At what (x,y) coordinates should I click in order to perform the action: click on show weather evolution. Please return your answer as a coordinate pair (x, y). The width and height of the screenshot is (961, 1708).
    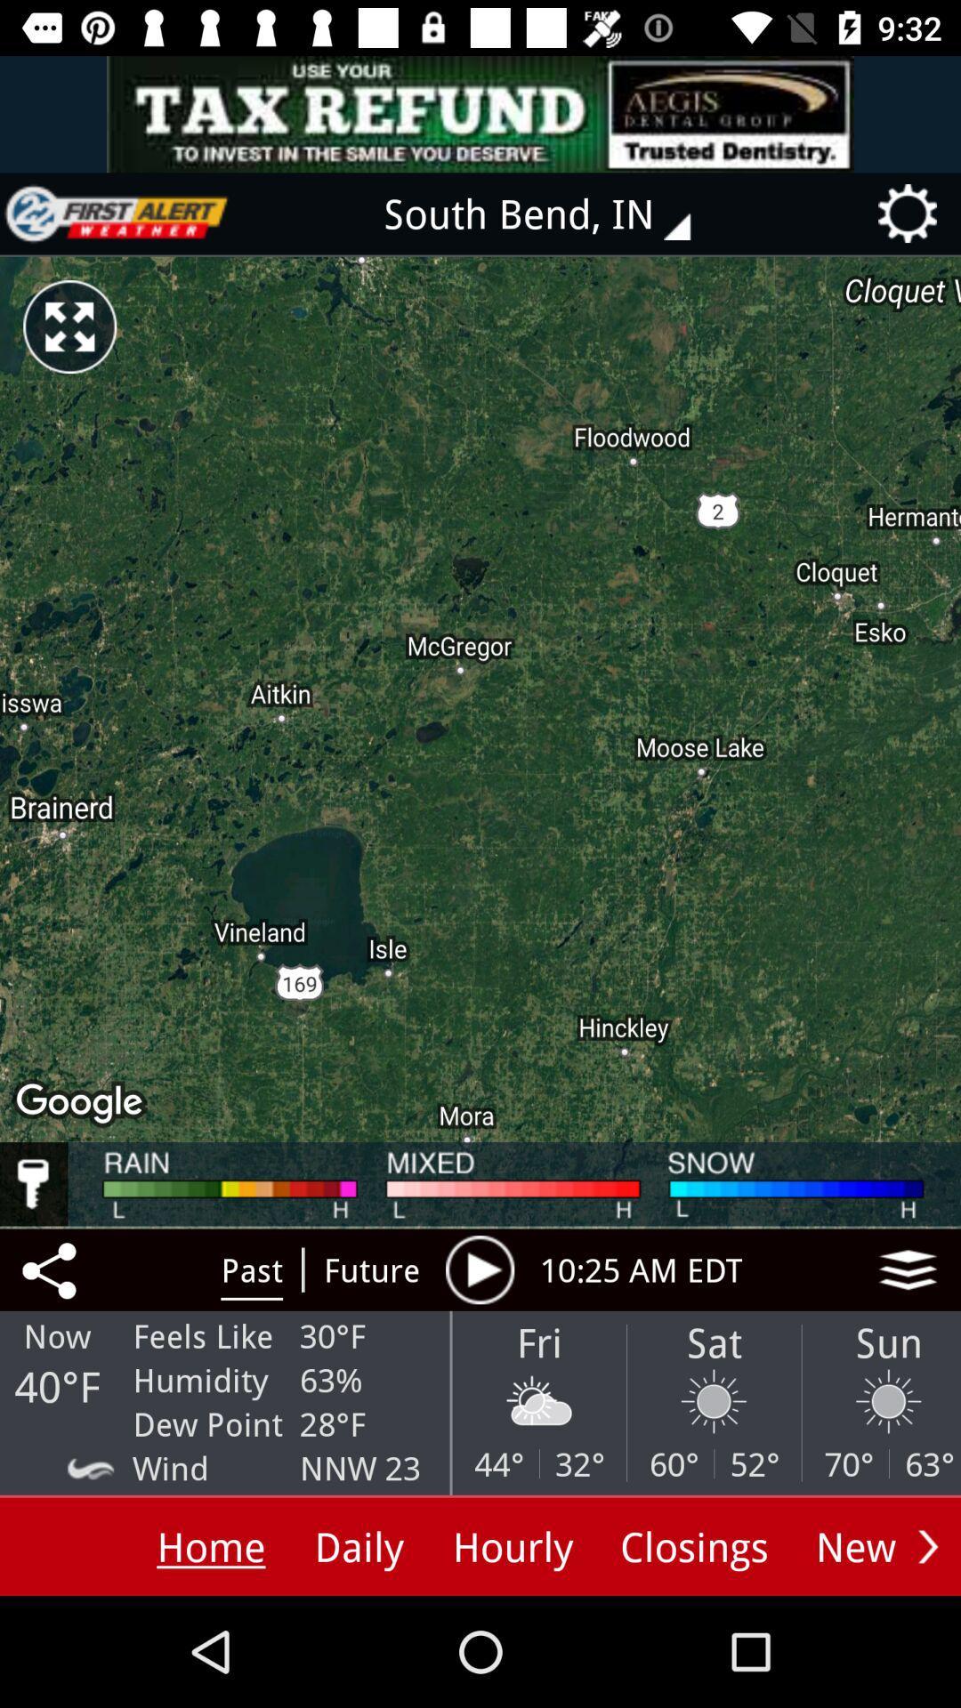
    Looking at the image, I should click on (479, 1269).